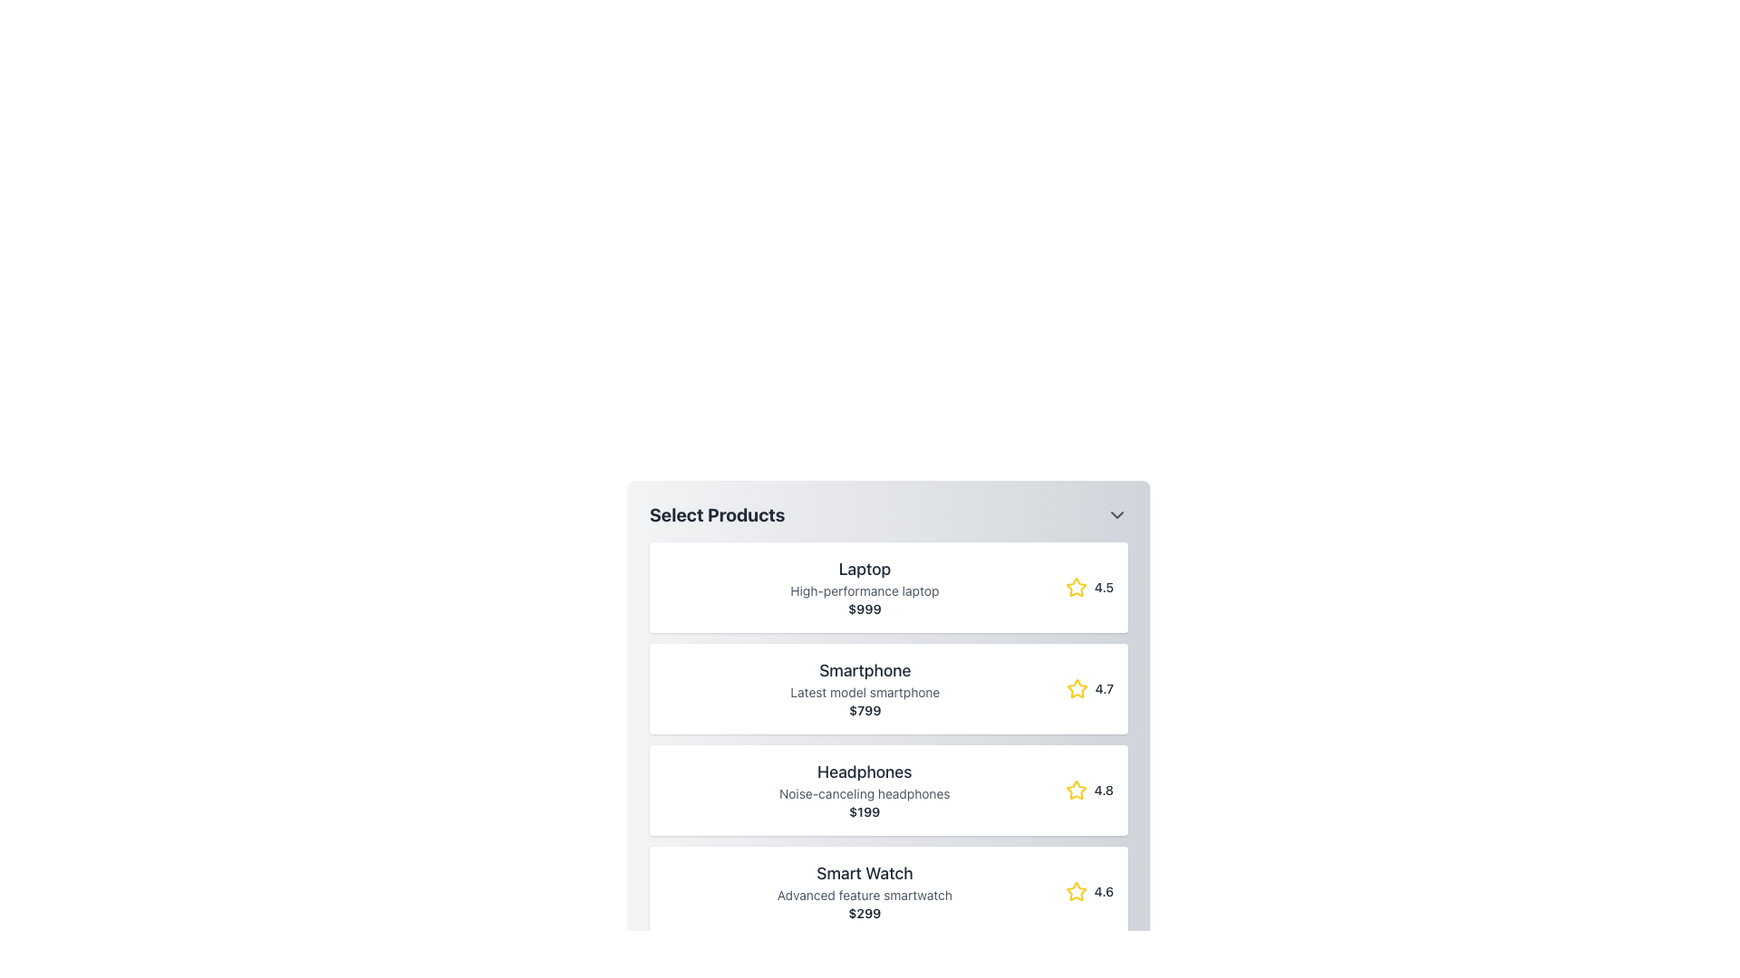 This screenshot has width=1740, height=978. What do you see at coordinates (864, 792) in the screenshot?
I see `the static text label reading 'Noise-canceling headphones', which is positioned beneath the title 'Headphones' and above the price '$199' in the product listing` at bounding box center [864, 792].